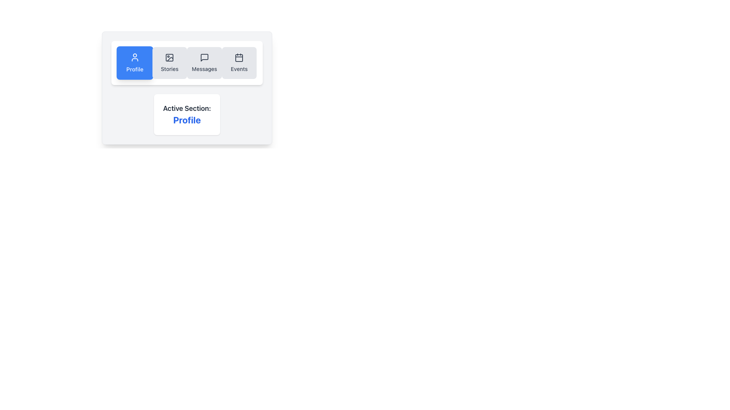 This screenshot has height=410, width=730. I want to click on the calendar icon located in the Events section, which features a rounded square border and is positioned adjacent to the 'Events' label, so click(239, 57).